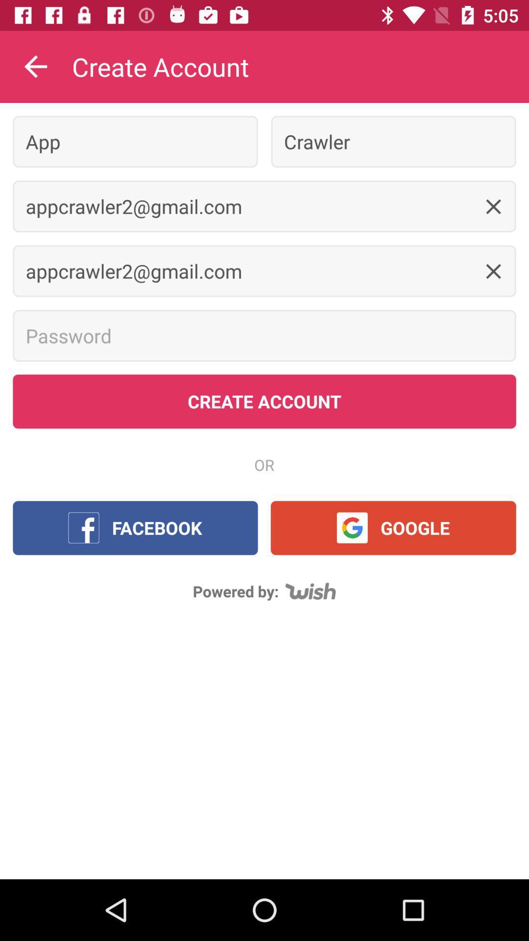 This screenshot has height=941, width=529. I want to click on item next to app, so click(393, 141).